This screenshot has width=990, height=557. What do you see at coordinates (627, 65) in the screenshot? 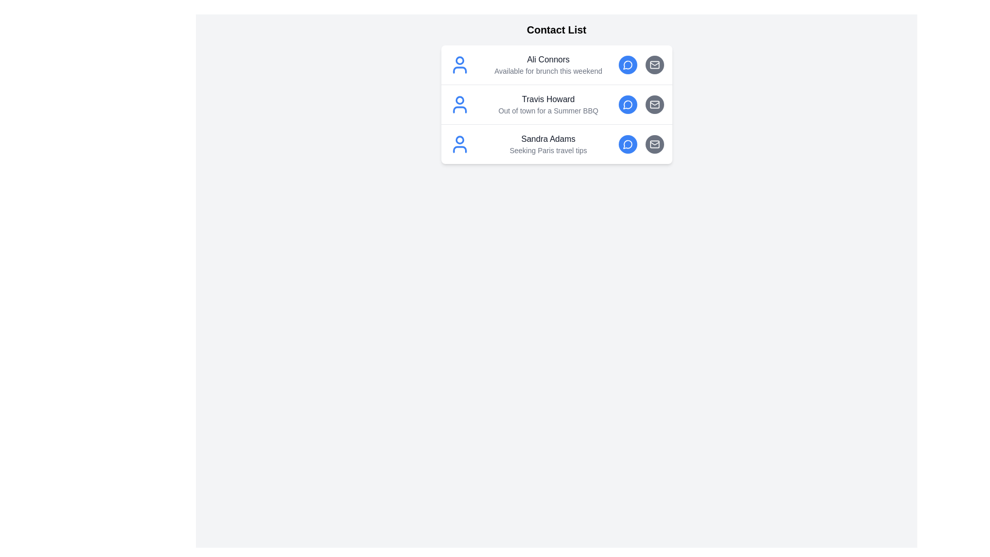
I see `the first button in the horizontal group next to the 'Ali Connors' contact entry to change its appearance` at bounding box center [627, 65].